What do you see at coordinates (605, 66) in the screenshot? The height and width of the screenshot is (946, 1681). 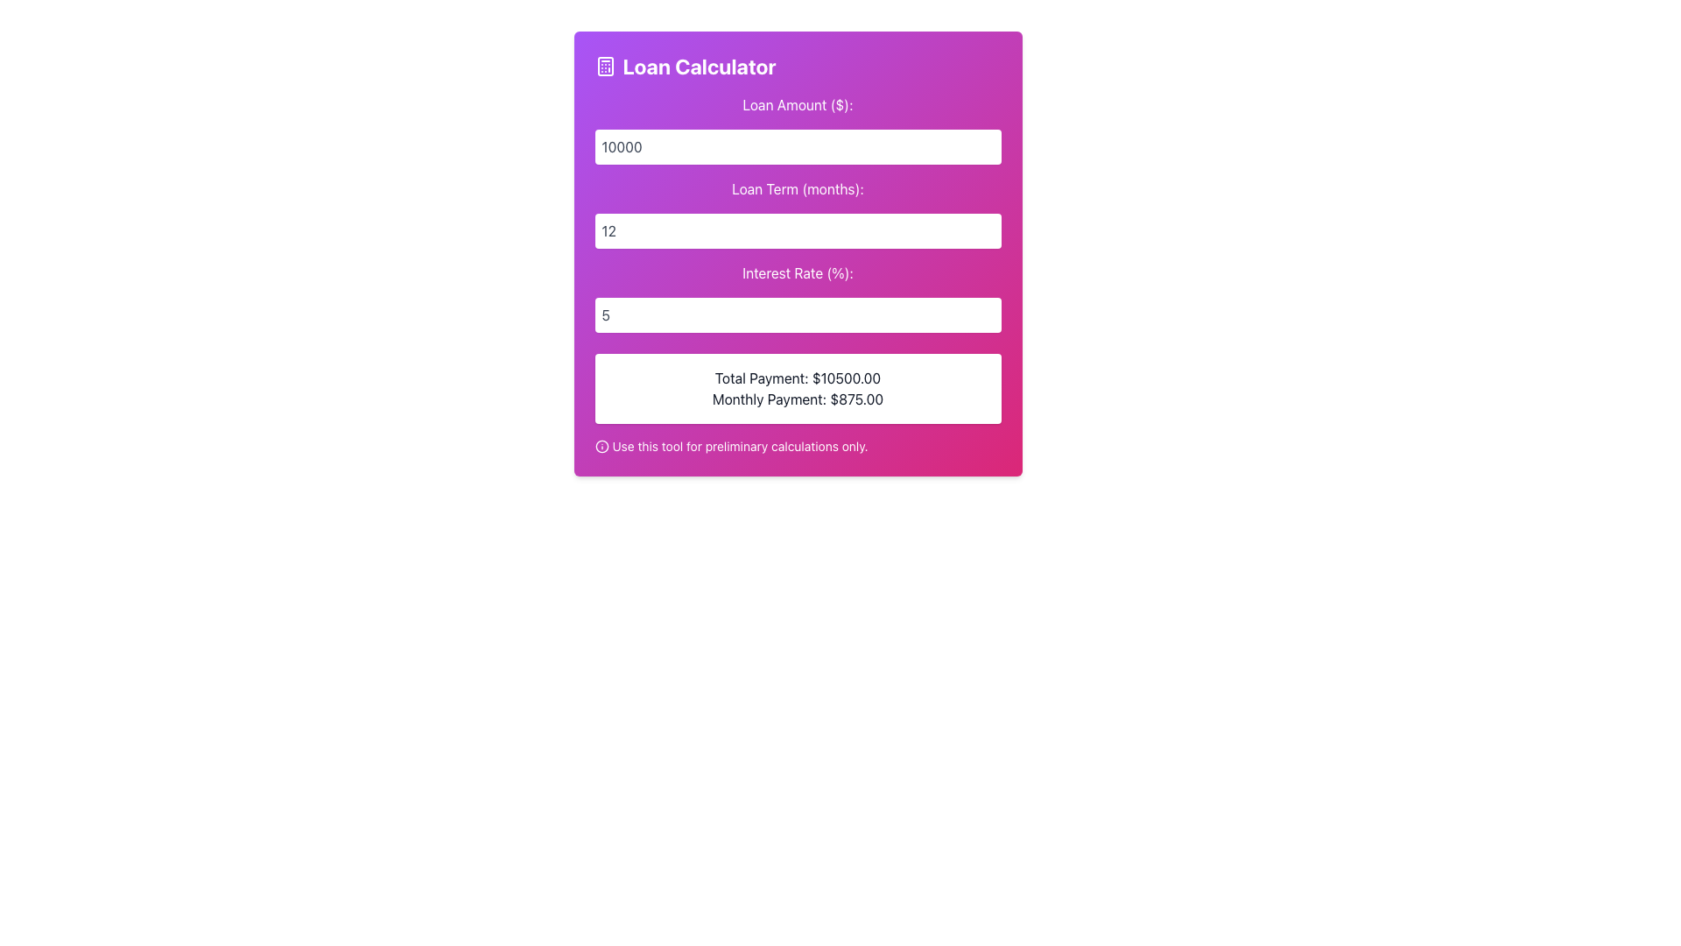 I see `the calculator icon representing the body of the 'Loan Calculator' header, located at the top-left corner of the main user interface` at bounding box center [605, 66].